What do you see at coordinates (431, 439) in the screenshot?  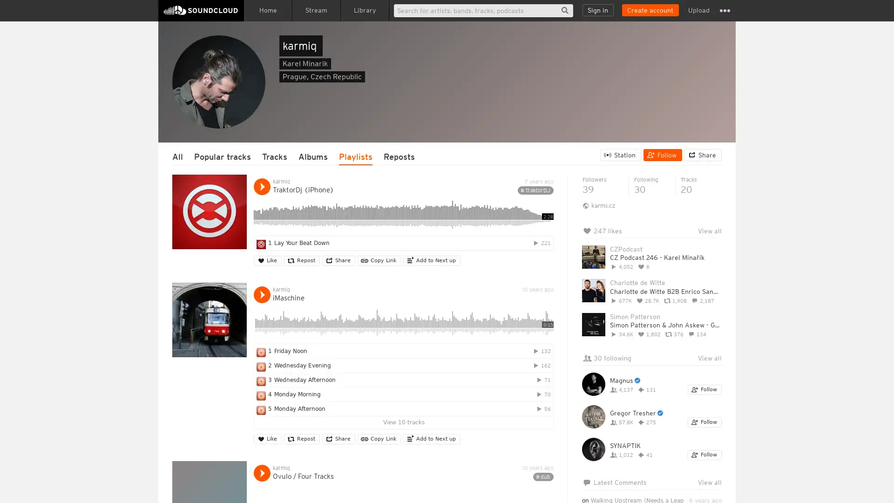 I see `Add to Next up` at bounding box center [431, 439].